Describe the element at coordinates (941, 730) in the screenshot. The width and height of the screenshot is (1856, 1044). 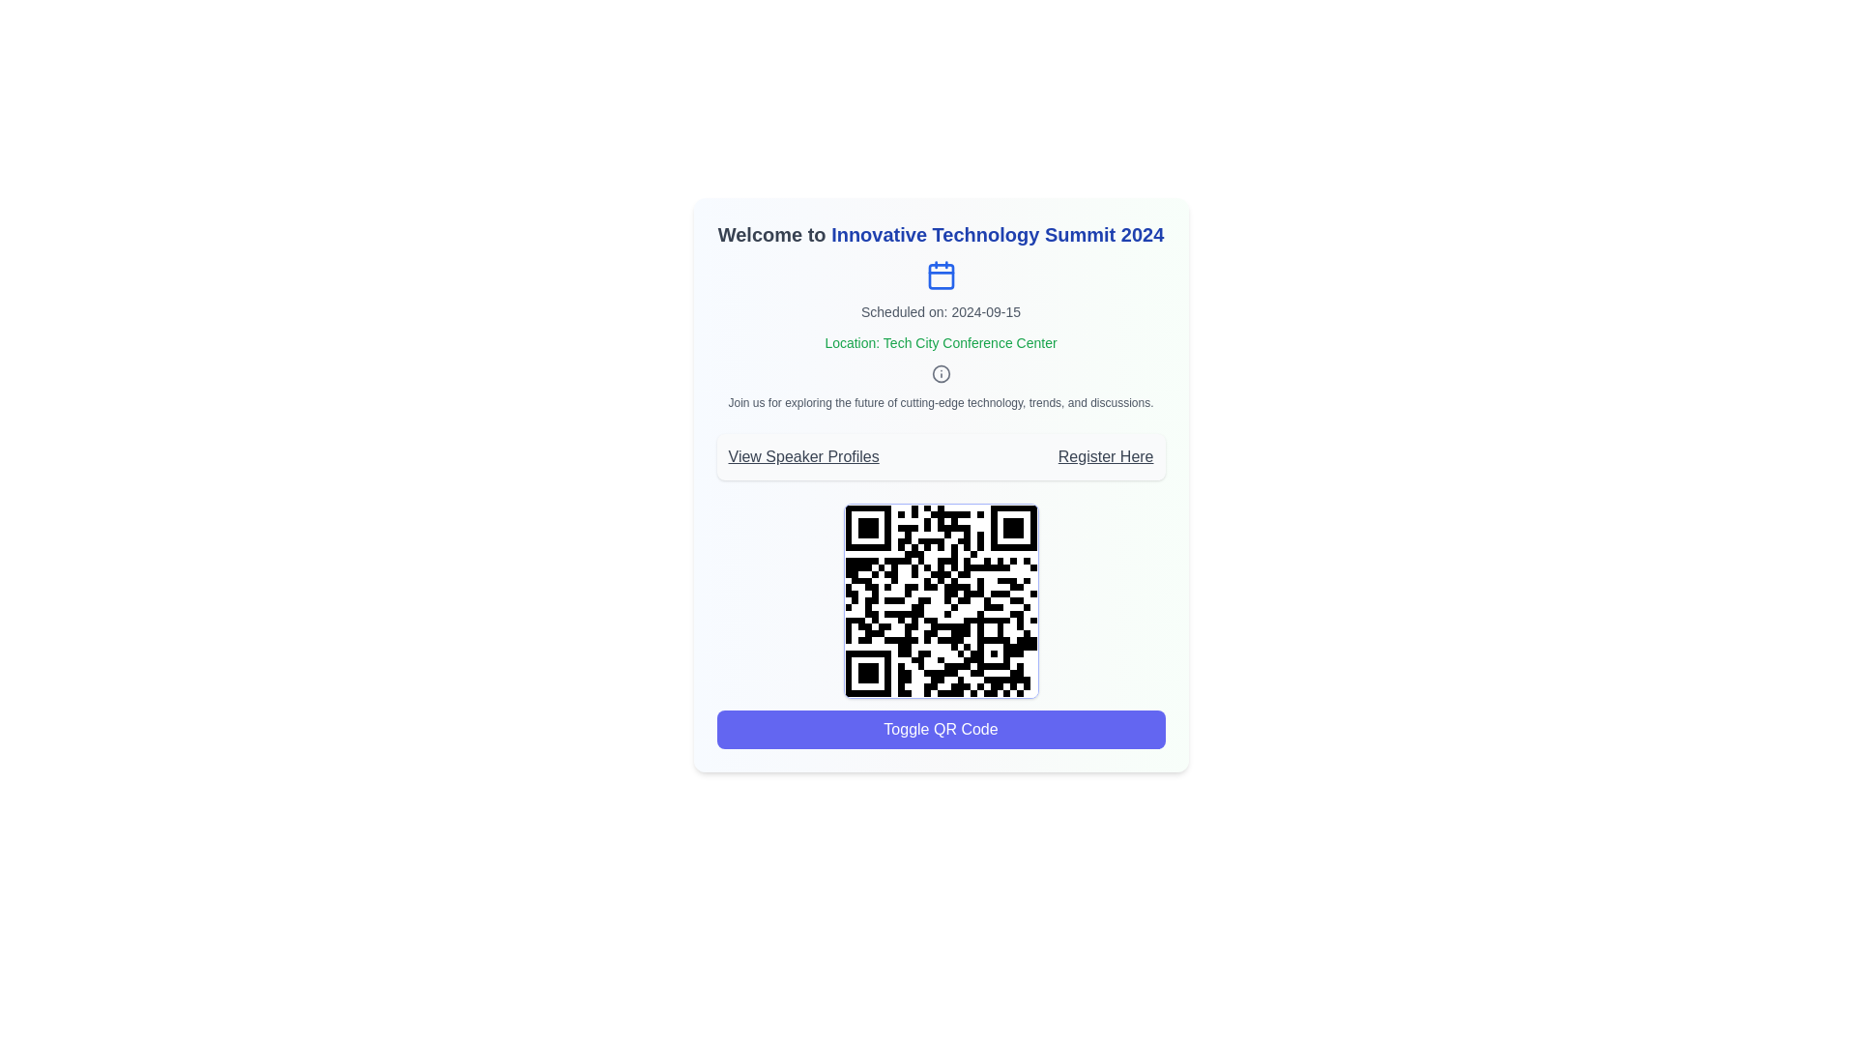
I see `the 'Toggle QR Code' button with a blue background and white text` at that location.